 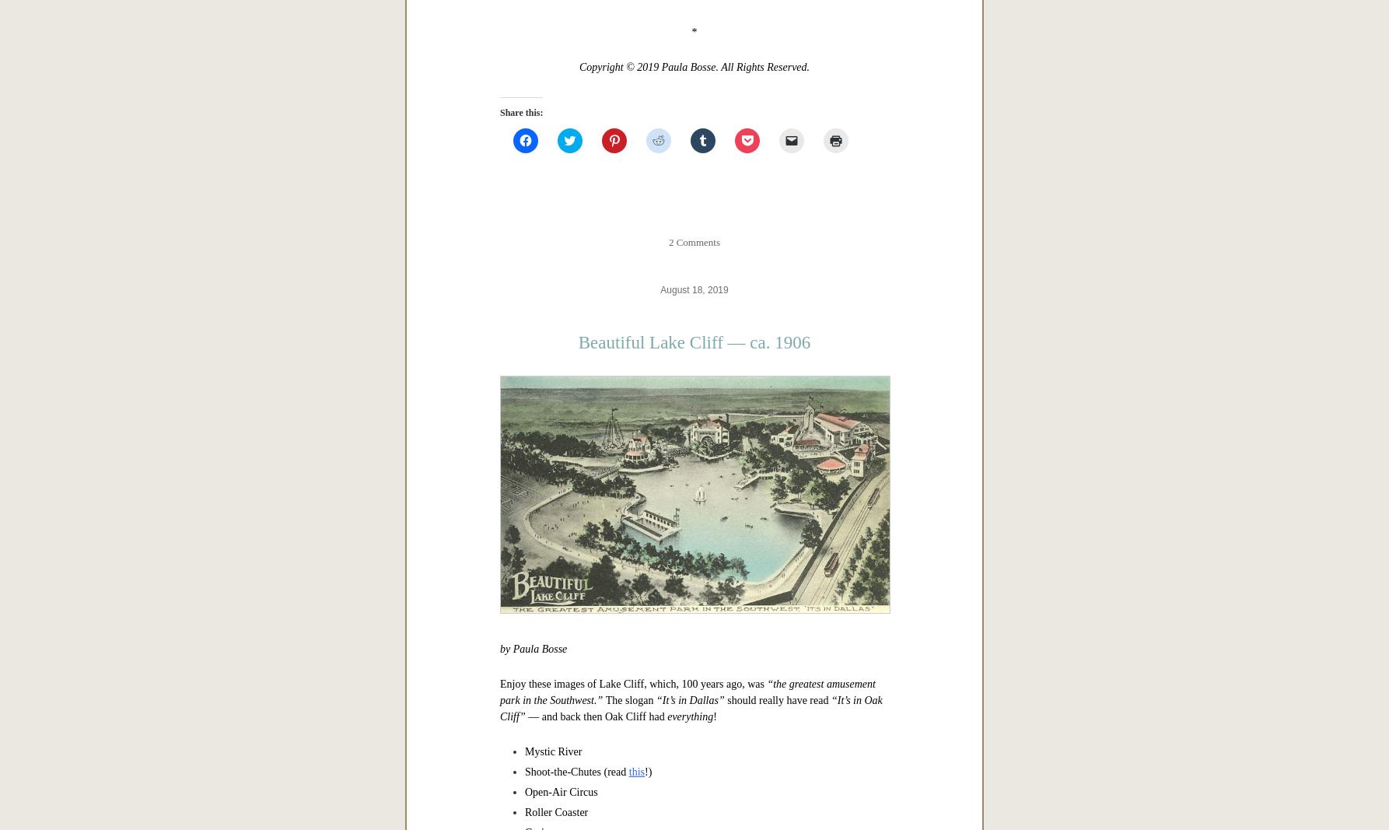 I want to click on 'Enjoy these images of Lake Cliff, which, 100 years ago, was', so click(x=632, y=682).